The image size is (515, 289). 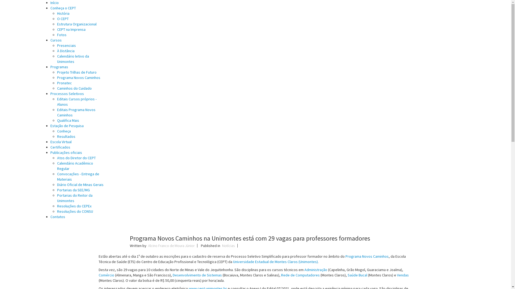 I want to click on 'Atos do Diretor do CEPT', so click(x=76, y=158).